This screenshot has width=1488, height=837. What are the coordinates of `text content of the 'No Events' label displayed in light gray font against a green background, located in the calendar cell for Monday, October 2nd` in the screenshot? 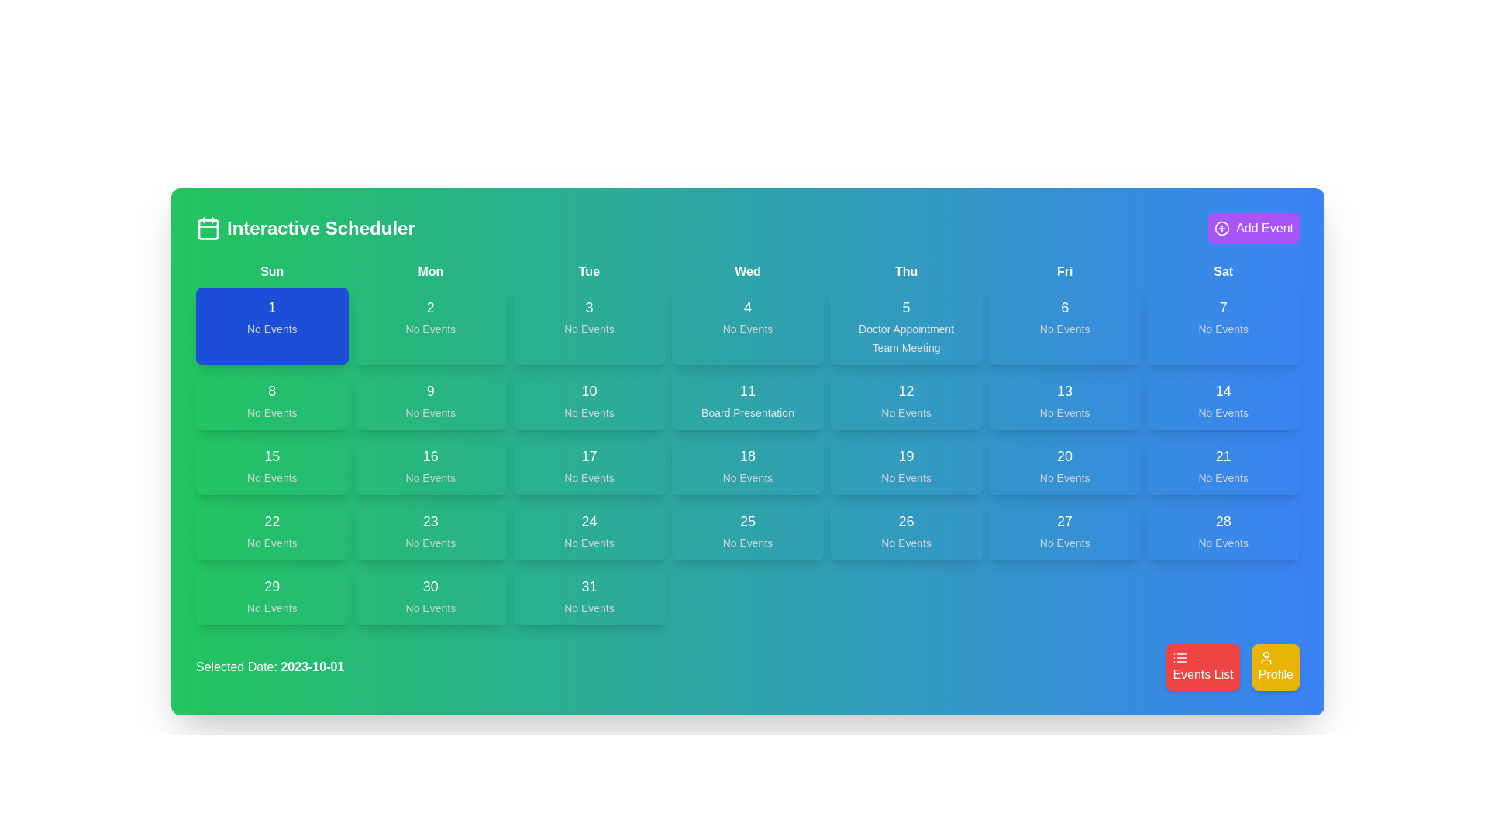 It's located at (430, 328).